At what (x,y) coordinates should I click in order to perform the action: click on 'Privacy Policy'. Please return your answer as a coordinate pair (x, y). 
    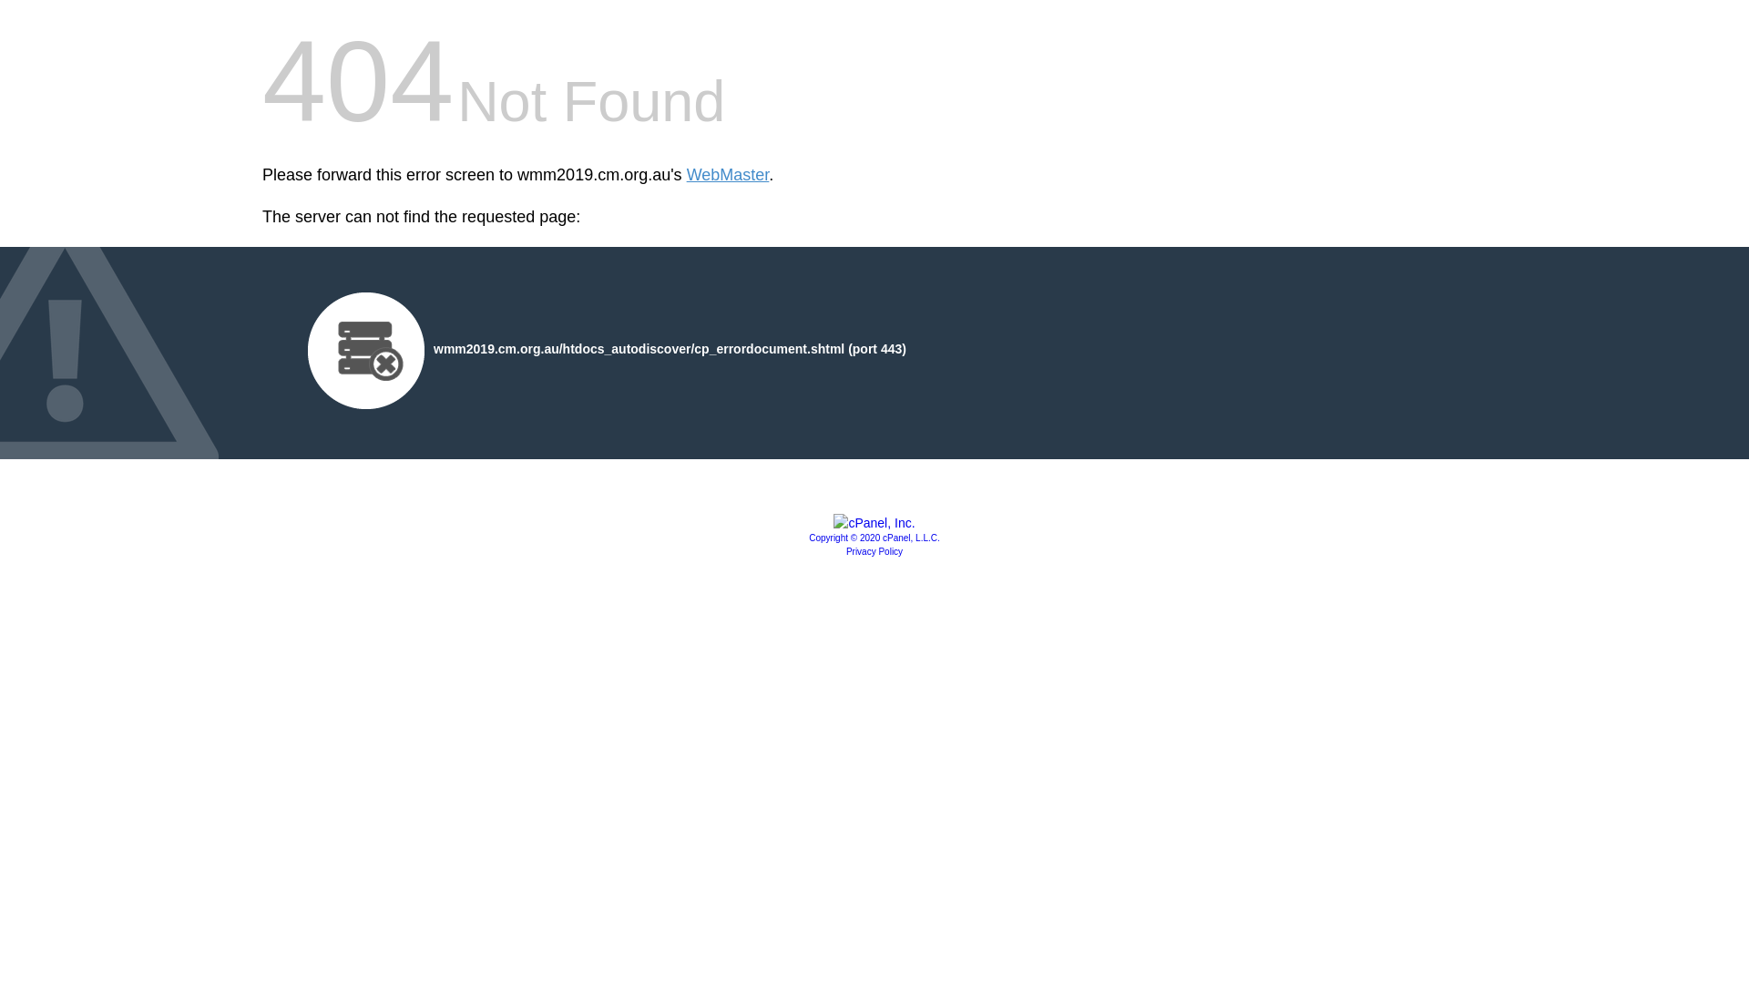
    Looking at the image, I should click on (874, 550).